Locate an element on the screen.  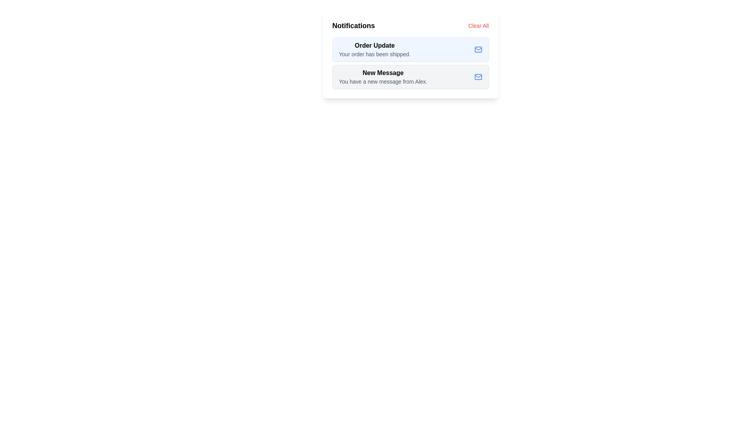
the mail or order updates icon located on the right side of the 'Order Update' notification card, positioned at the top-right corner and aligned with the text 'Order Update' is located at coordinates (478, 50).